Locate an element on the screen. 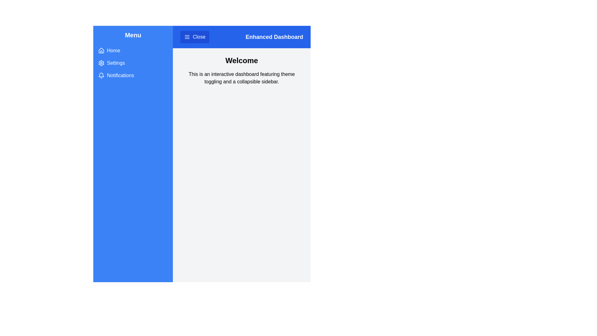  the 'Home' icon located at the top of the vertical navigation list on the left side of the interface is located at coordinates (101, 50).